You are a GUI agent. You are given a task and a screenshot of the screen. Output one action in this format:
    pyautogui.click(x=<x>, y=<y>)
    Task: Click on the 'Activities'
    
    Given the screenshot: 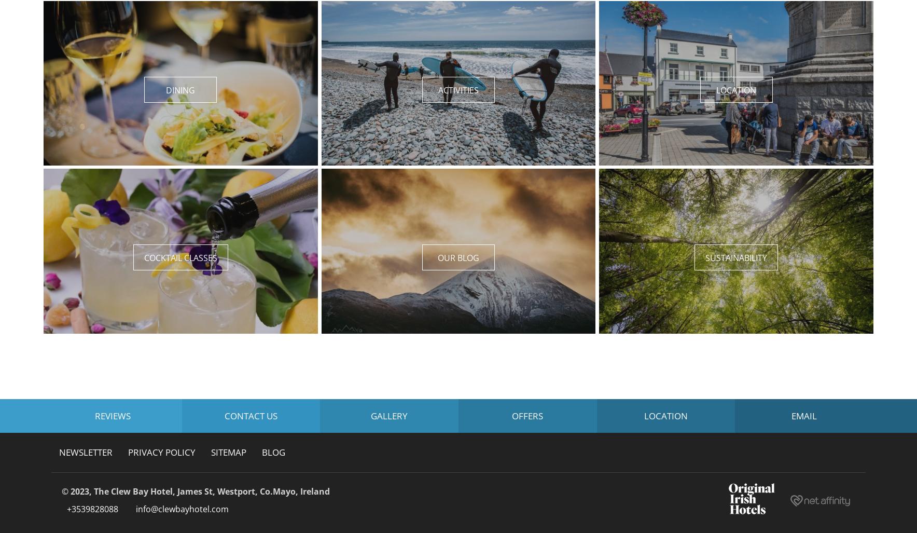 What is the action you would take?
    pyautogui.click(x=457, y=89)
    